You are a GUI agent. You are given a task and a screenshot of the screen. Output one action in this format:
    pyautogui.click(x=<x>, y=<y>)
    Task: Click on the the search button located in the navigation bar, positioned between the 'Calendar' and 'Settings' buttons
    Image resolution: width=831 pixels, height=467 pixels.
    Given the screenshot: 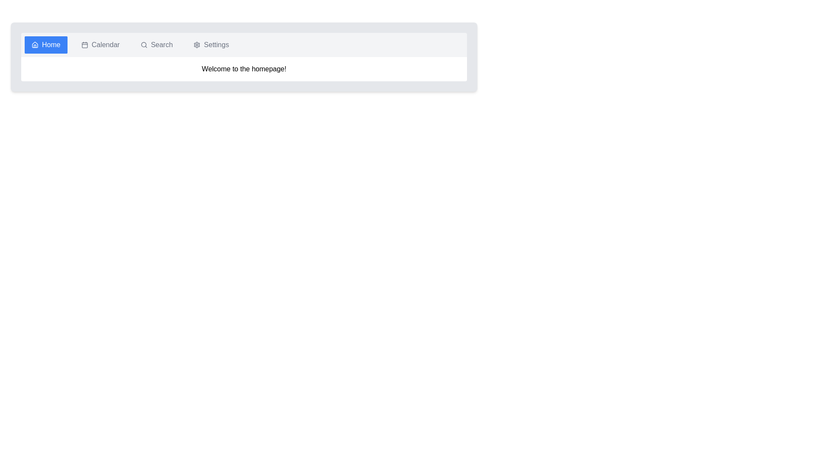 What is the action you would take?
    pyautogui.click(x=156, y=45)
    